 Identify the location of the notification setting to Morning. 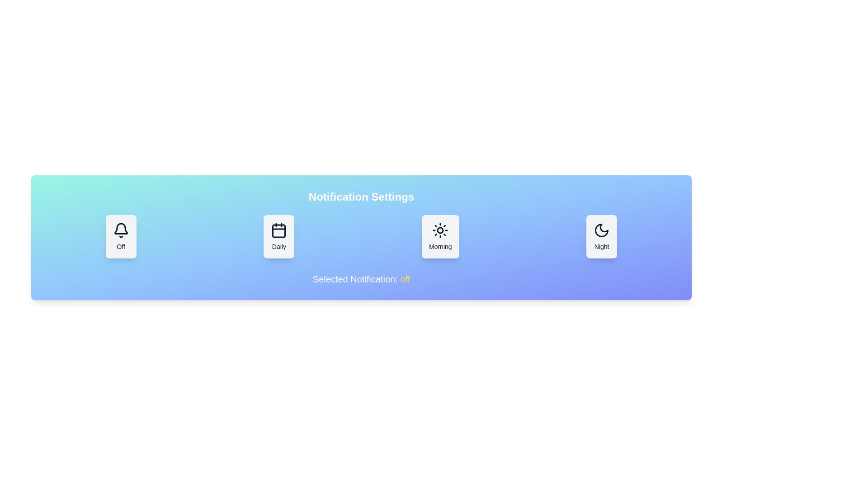
(440, 236).